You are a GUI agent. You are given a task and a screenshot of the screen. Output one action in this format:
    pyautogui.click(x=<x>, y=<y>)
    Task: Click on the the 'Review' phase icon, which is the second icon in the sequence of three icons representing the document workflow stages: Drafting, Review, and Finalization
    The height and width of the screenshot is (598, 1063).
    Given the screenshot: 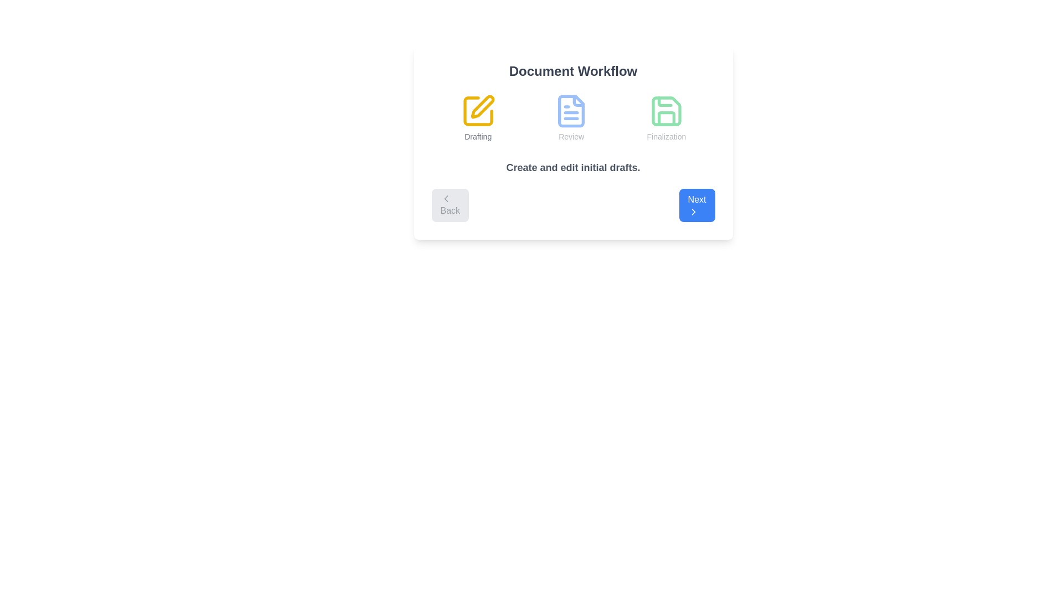 What is the action you would take?
    pyautogui.click(x=571, y=111)
    